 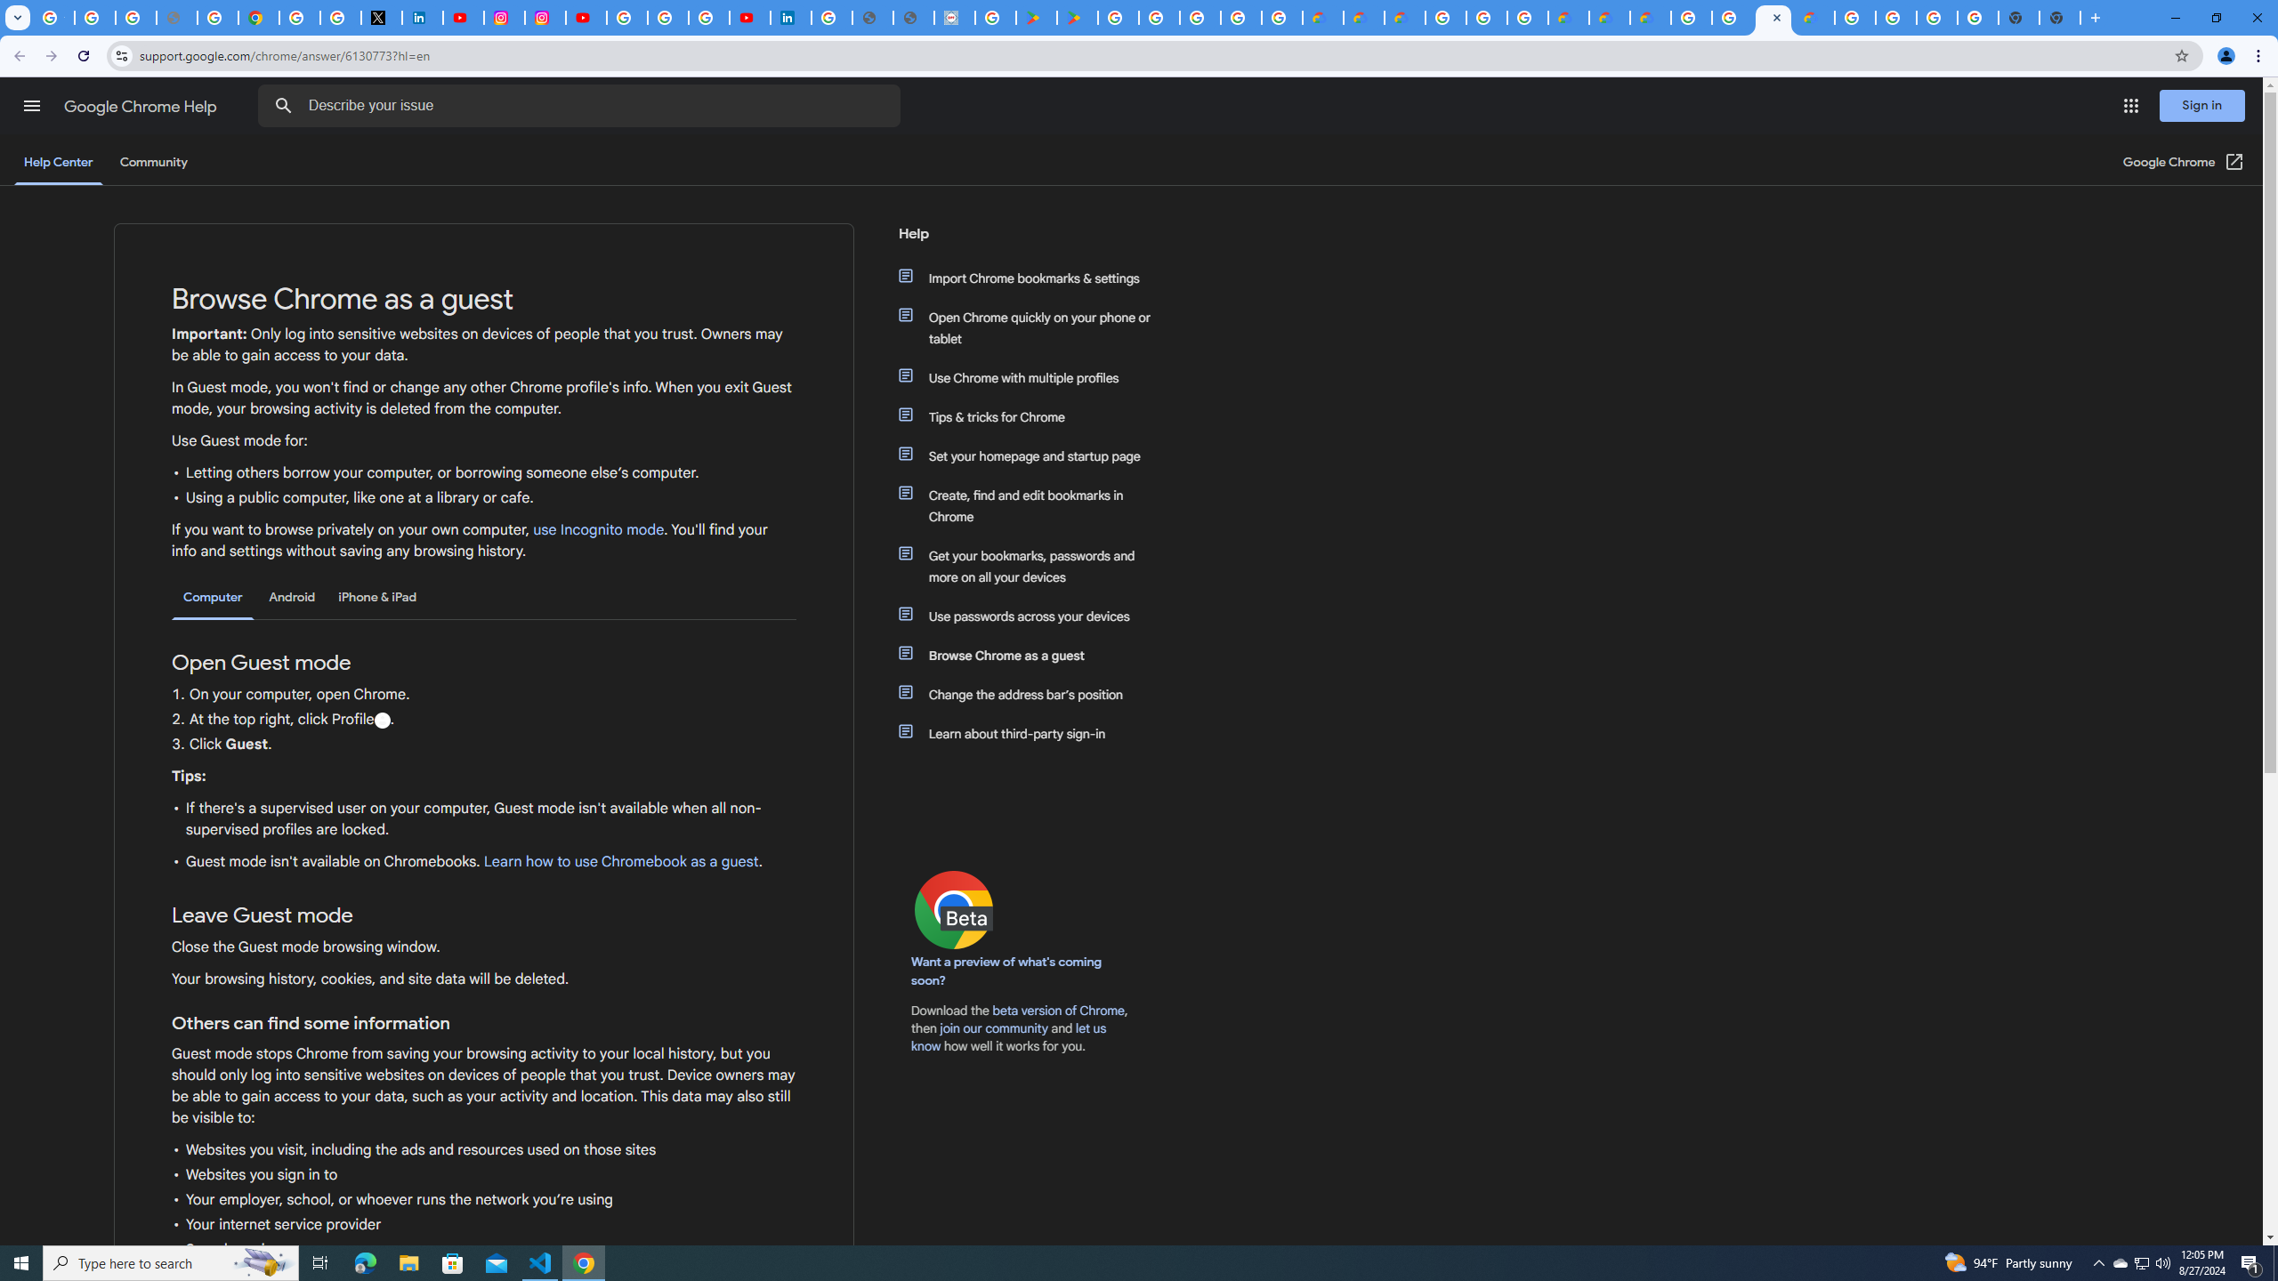 I want to click on 'Google Chrome (Open in a new window)', so click(x=2184, y=161).